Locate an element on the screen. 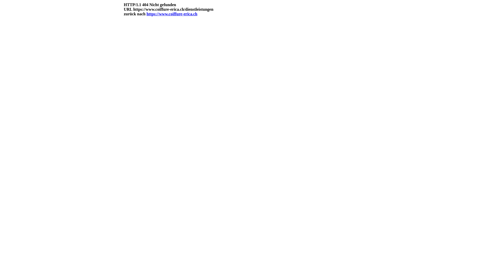 This screenshot has height=276, width=491. 'https://www.coiffure-erica.ch' is located at coordinates (172, 14).